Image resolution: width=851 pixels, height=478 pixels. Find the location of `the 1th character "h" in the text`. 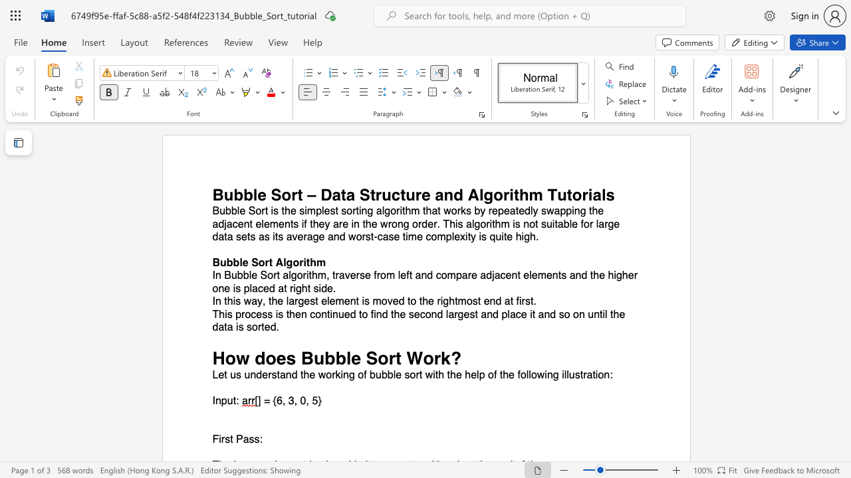

the 1th character "h" in the text is located at coordinates (523, 195).